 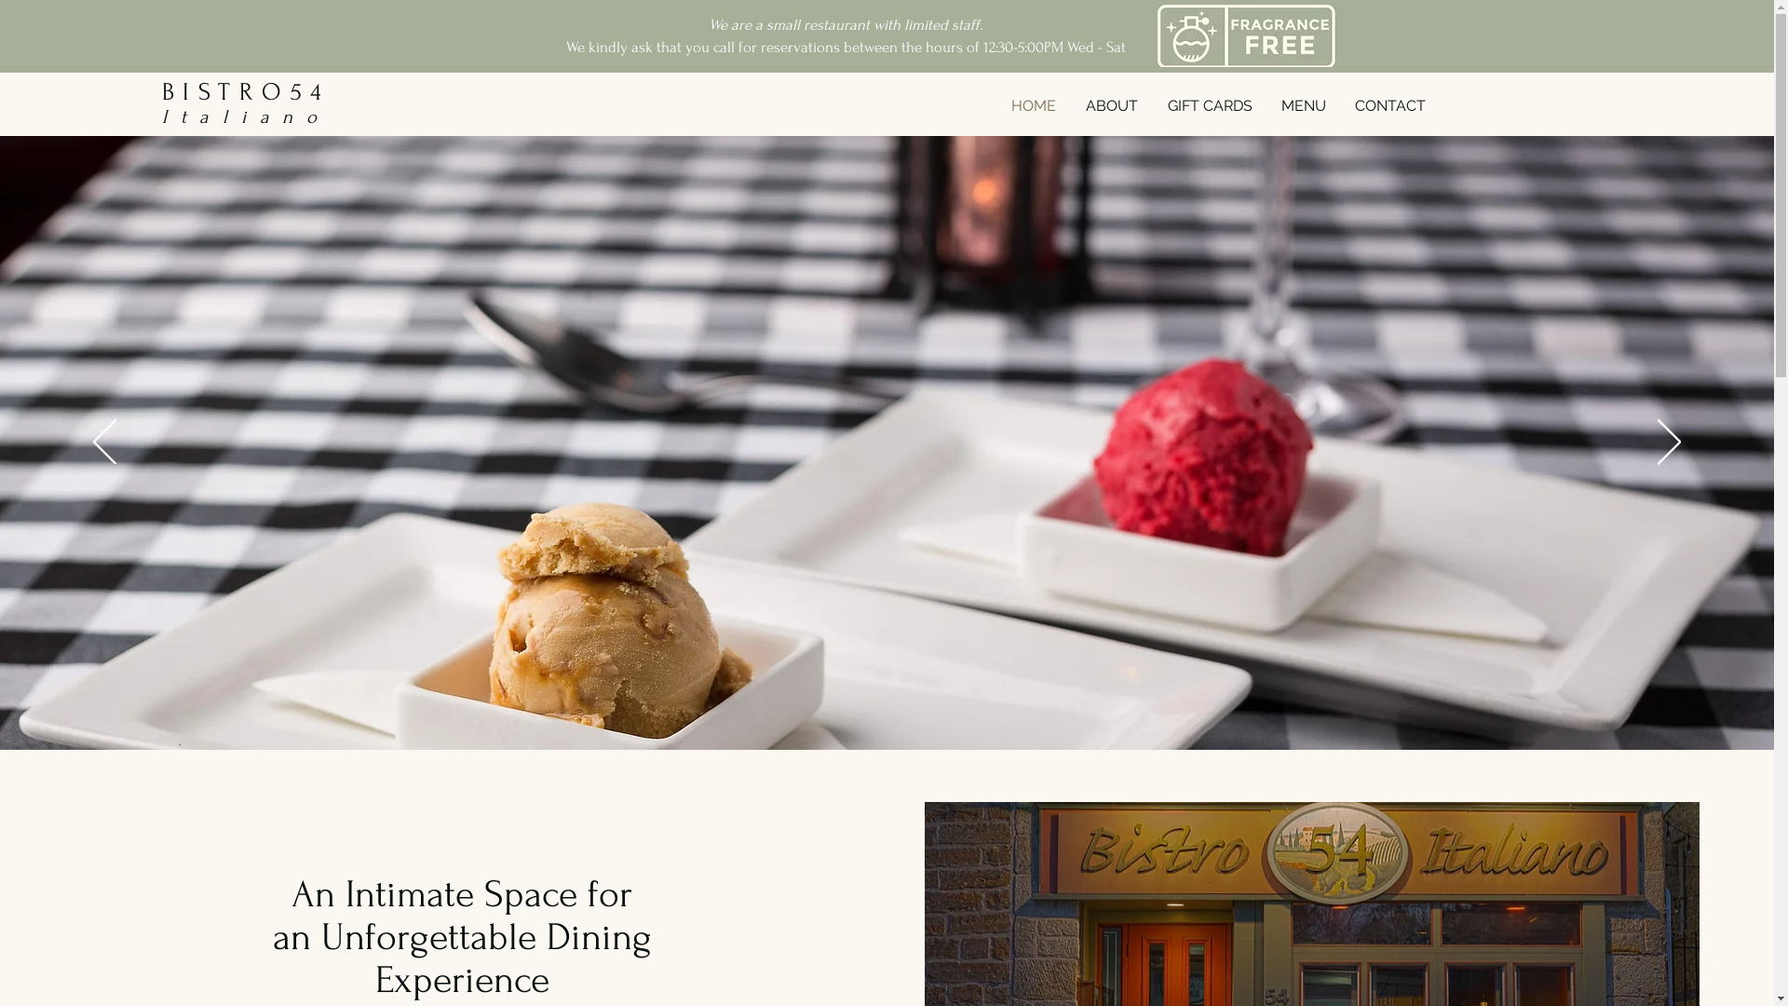 I want to click on 'CONTACT', so click(x=1389, y=106).